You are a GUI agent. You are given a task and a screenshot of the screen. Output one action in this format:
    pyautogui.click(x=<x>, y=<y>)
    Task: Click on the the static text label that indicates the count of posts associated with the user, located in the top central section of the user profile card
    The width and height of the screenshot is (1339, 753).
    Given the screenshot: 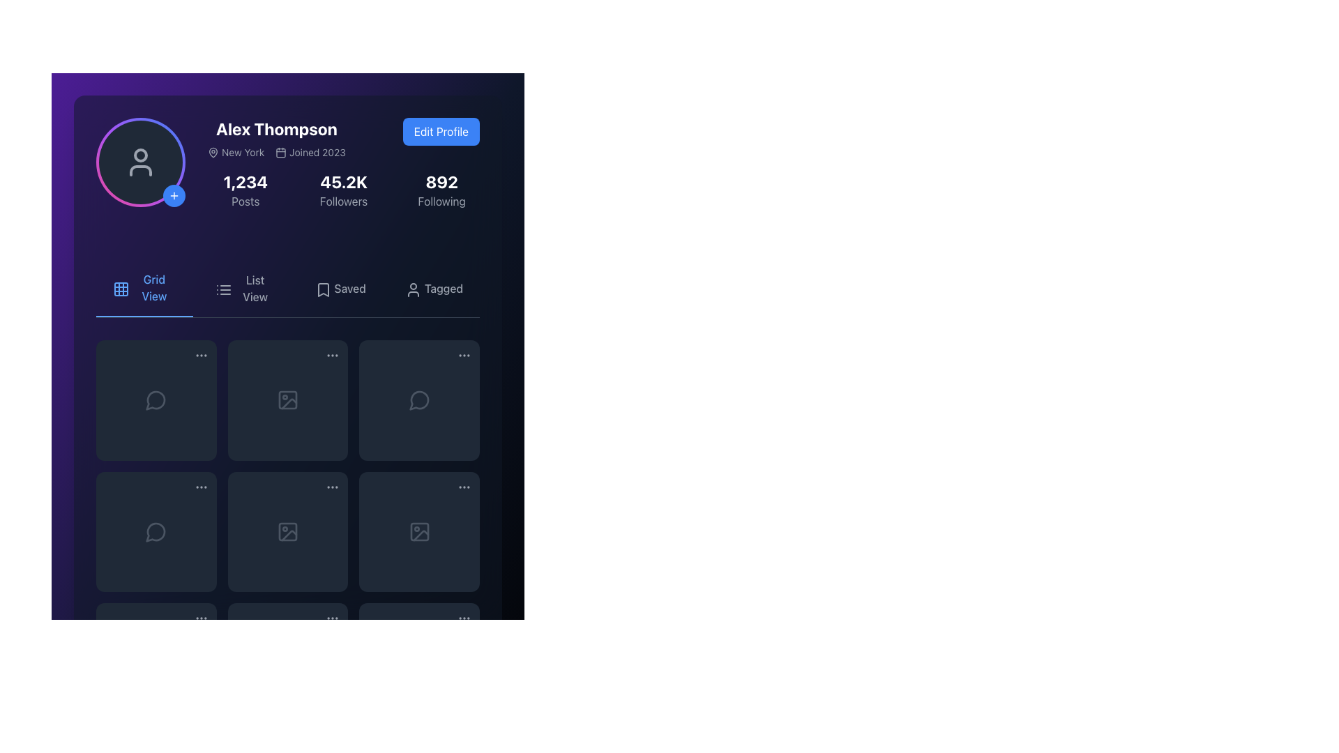 What is the action you would take?
    pyautogui.click(x=245, y=201)
    